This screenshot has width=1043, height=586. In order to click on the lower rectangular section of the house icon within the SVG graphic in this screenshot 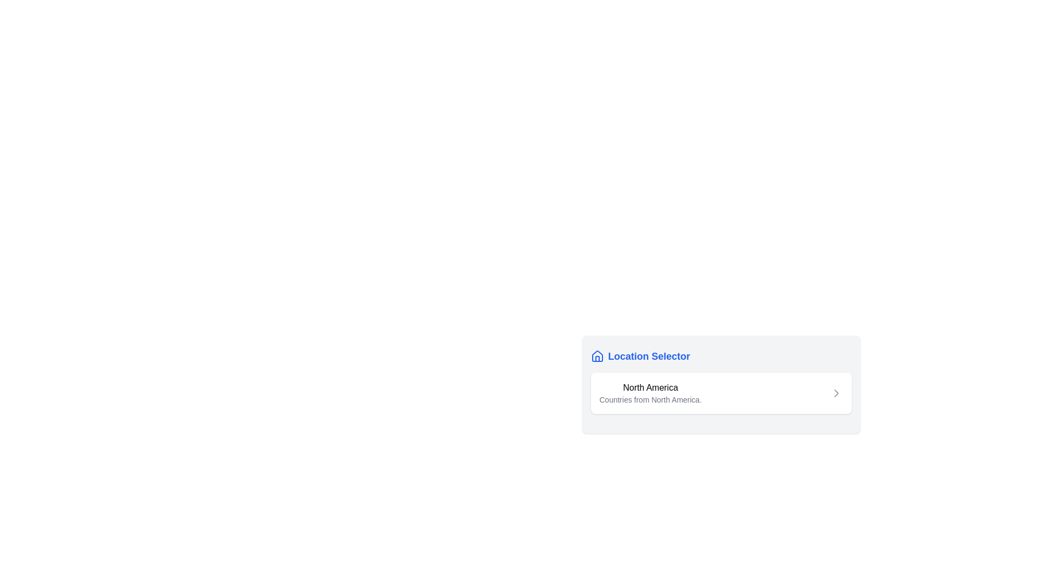, I will do `click(596, 359)`.